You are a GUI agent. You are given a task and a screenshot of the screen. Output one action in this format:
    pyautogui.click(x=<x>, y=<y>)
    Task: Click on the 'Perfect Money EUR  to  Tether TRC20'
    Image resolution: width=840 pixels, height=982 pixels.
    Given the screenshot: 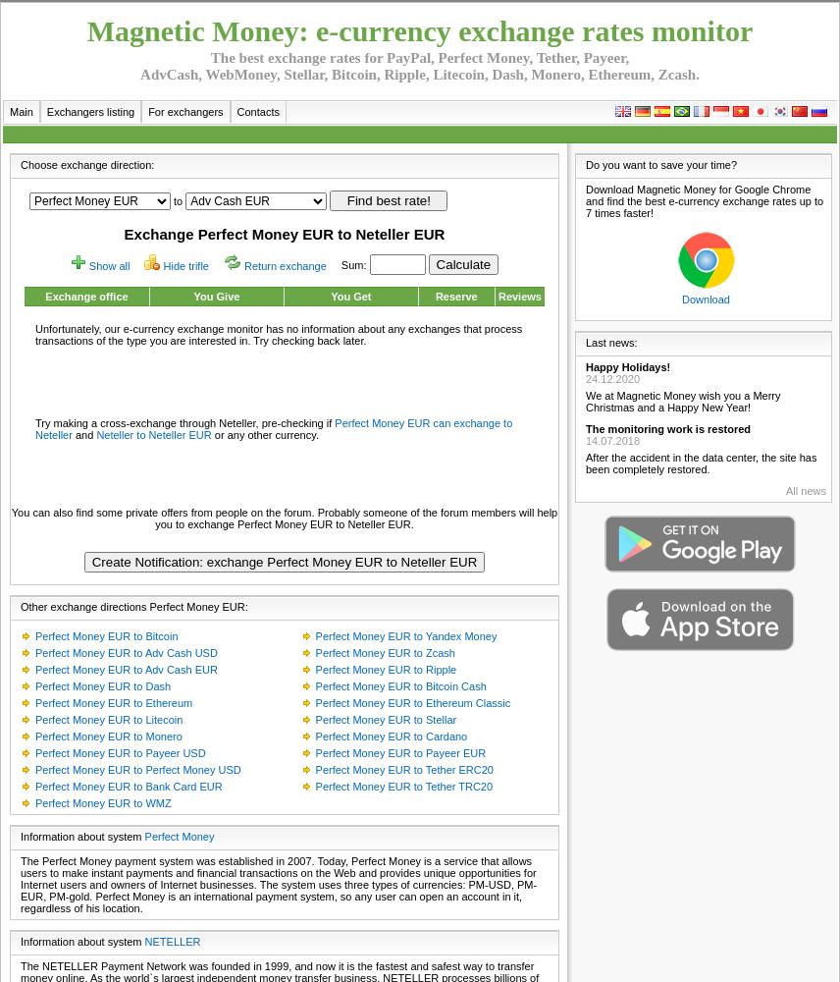 What is the action you would take?
    pyautogui.click(x=315, y=787)
    